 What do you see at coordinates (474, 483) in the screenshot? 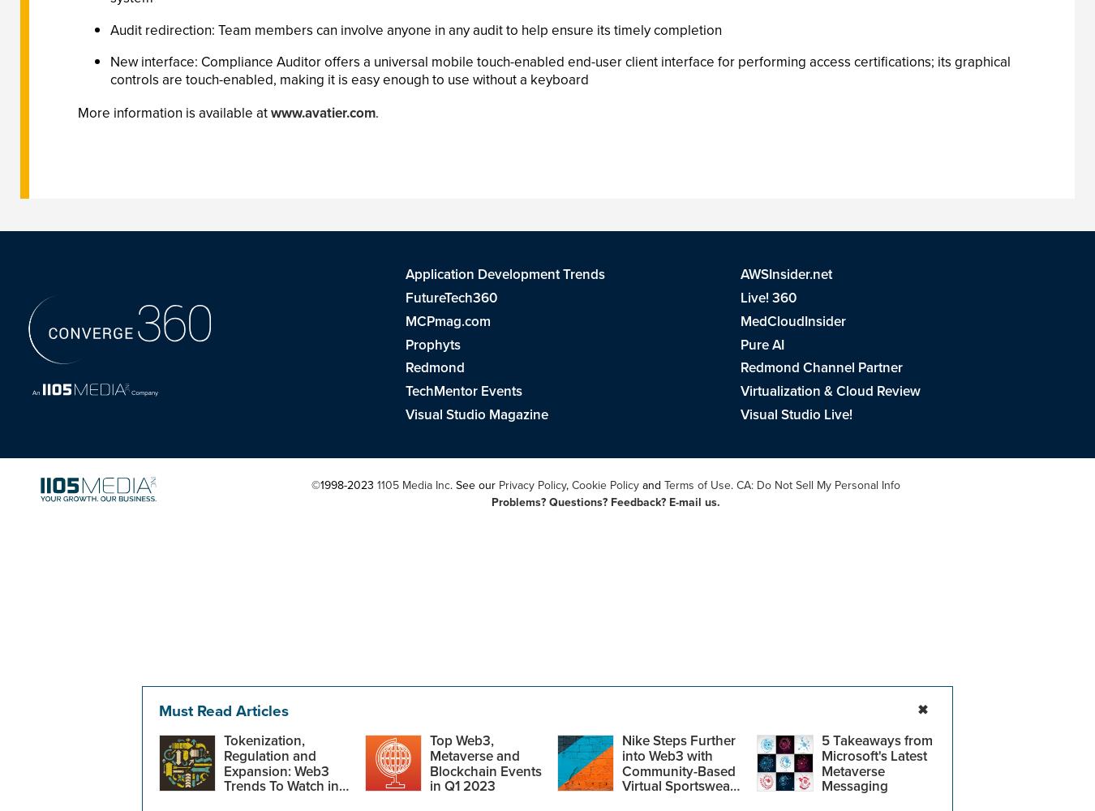
I see `'. See our'` at bounding box center [474, 483].